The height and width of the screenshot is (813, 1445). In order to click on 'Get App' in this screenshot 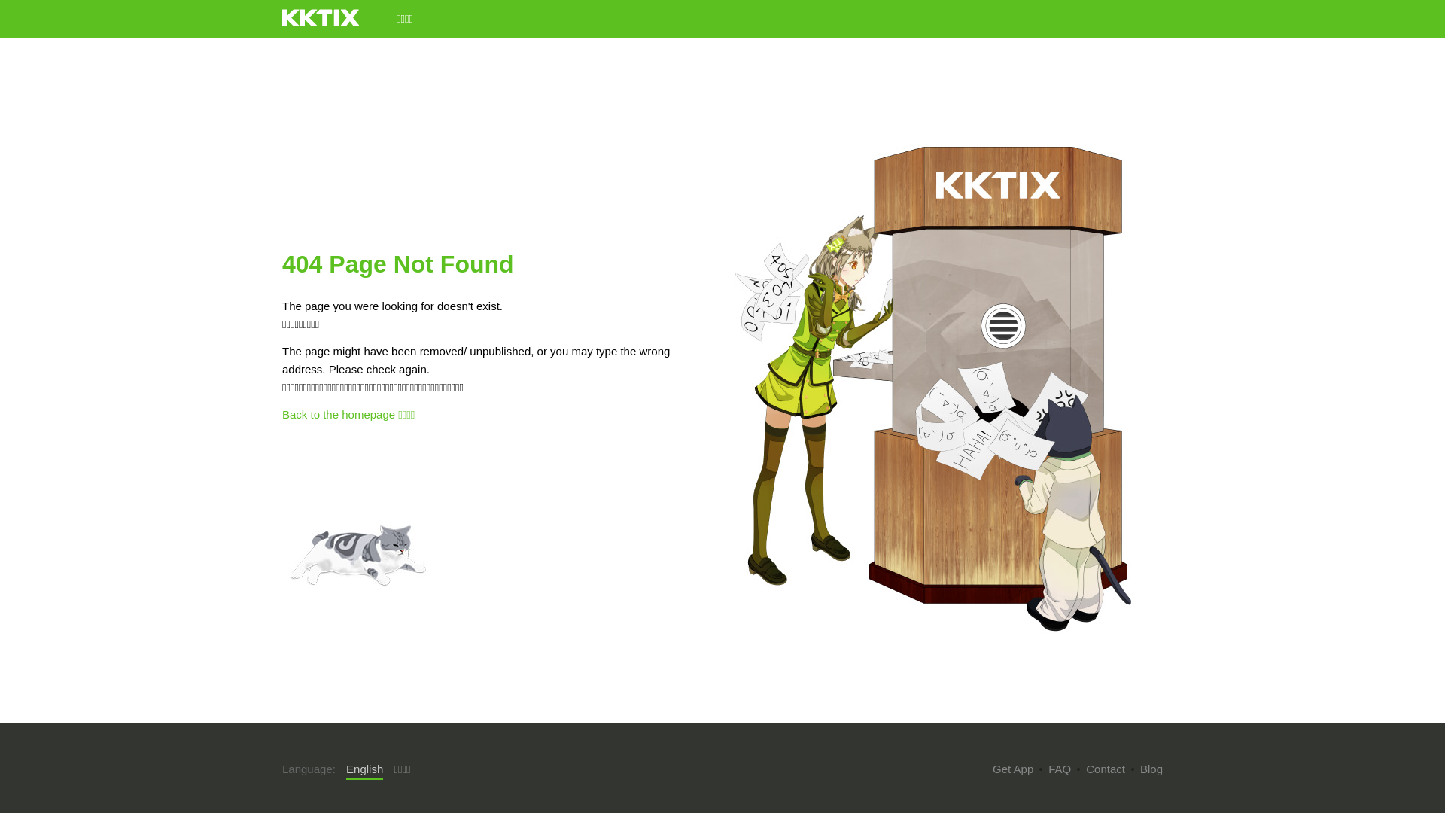, I will do `click(1012, 769)`.